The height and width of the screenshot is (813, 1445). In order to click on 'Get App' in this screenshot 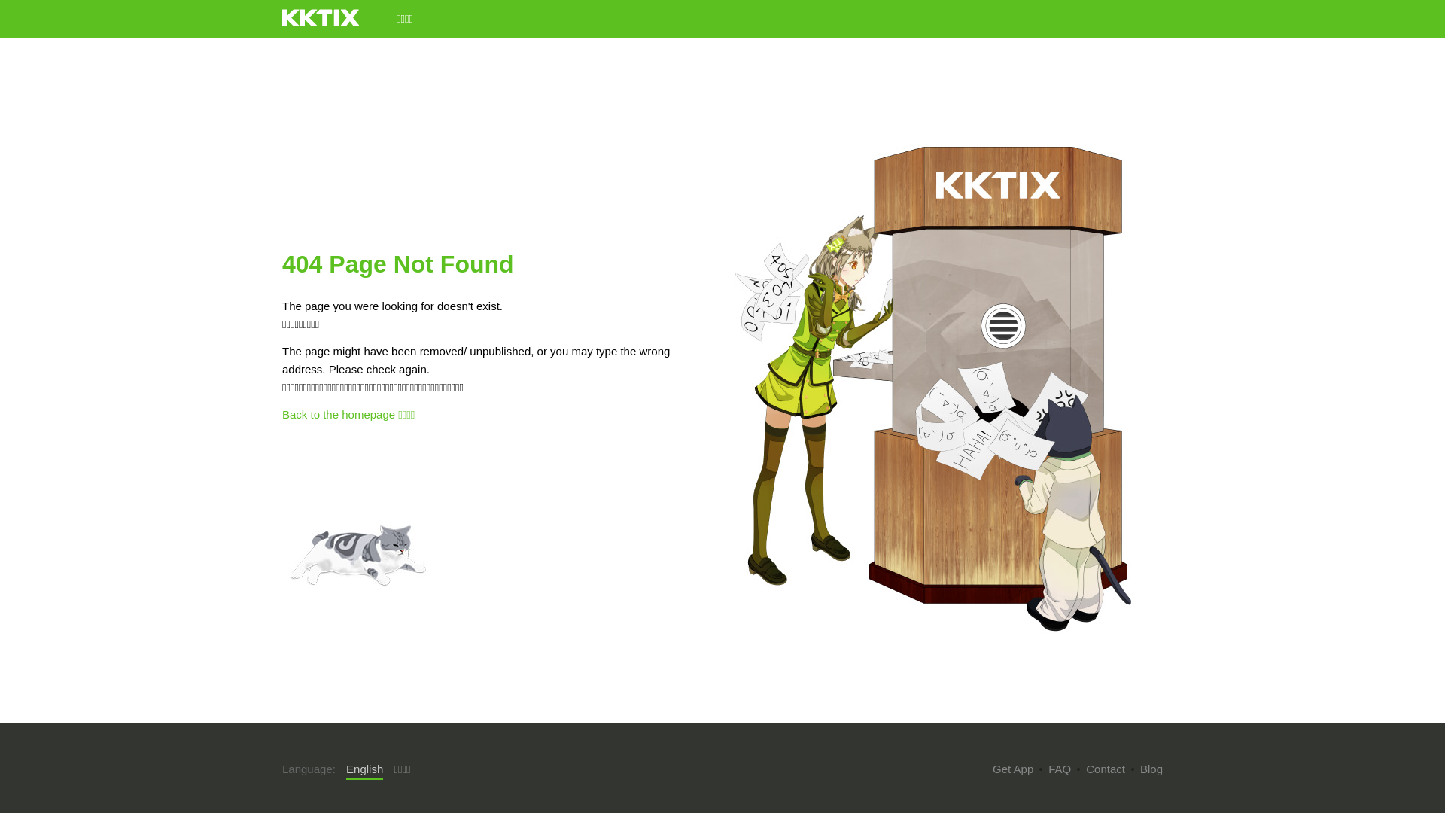, I will do `click(1012, 769)`.